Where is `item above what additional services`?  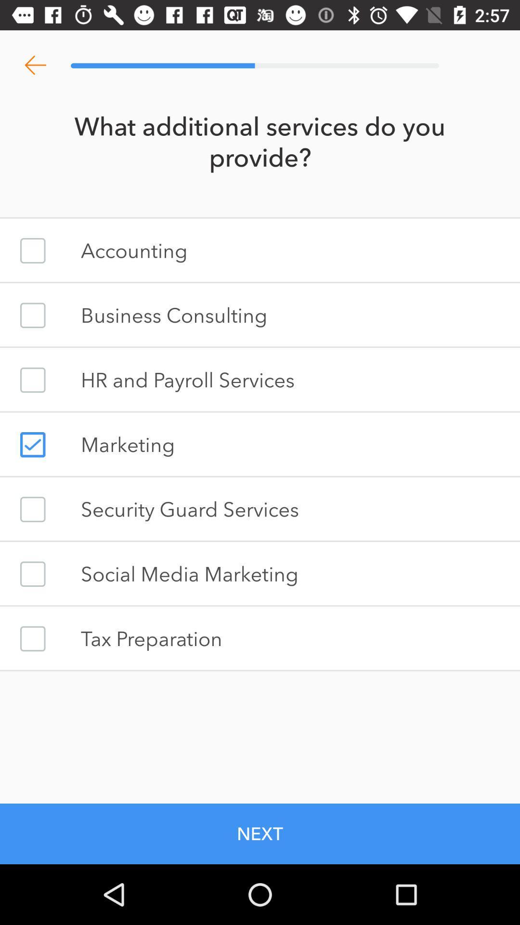
item above what additional services is located at coordinates (35, 65).